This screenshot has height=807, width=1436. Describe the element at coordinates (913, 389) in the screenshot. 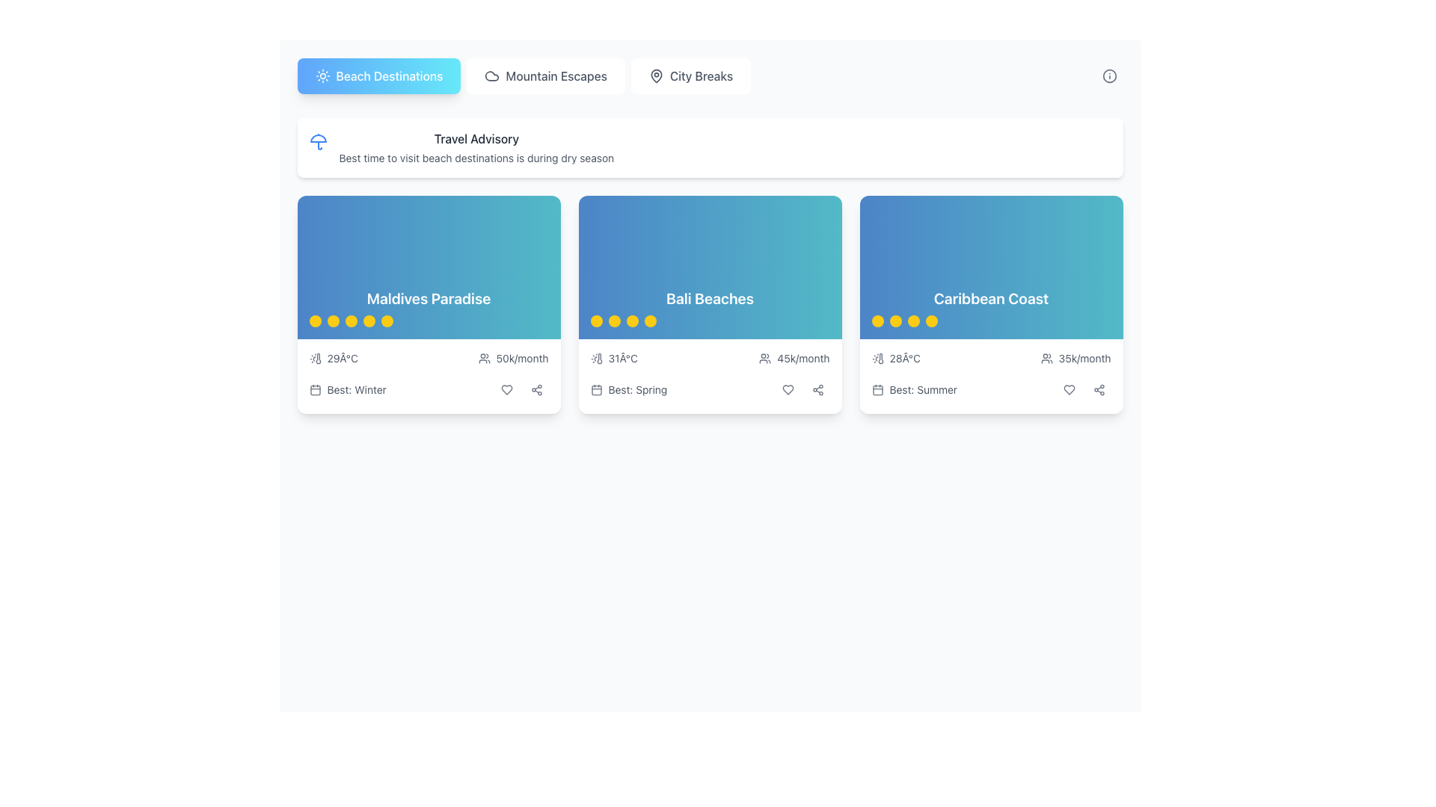

I see `the text element labeled 'Best: Summer' with a calendar icon, located in the lower-right corner of the 'Caribbean Coast' card` at that location.